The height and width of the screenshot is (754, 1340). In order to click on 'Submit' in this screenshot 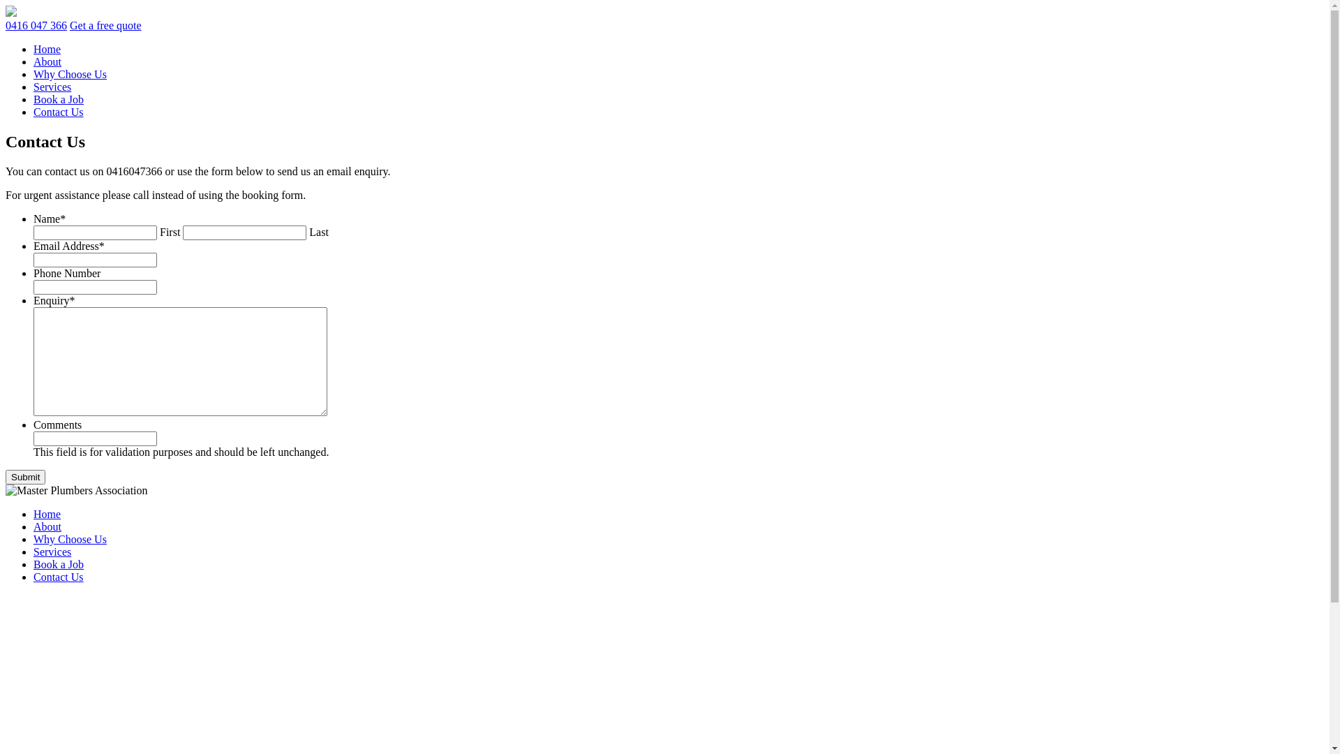, I will do `click(6, 476)`.